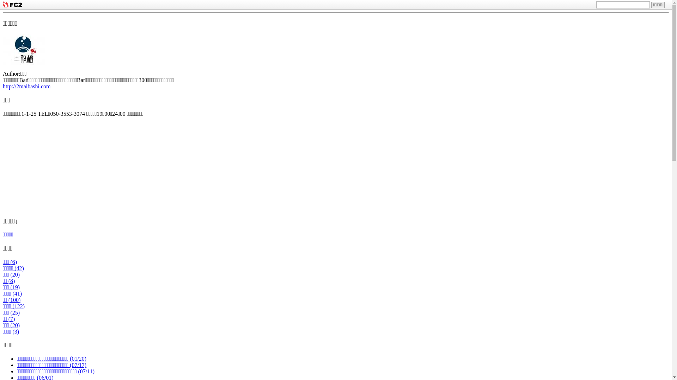  I want to click on 'http://2maibashi.com', so click(27, 86).